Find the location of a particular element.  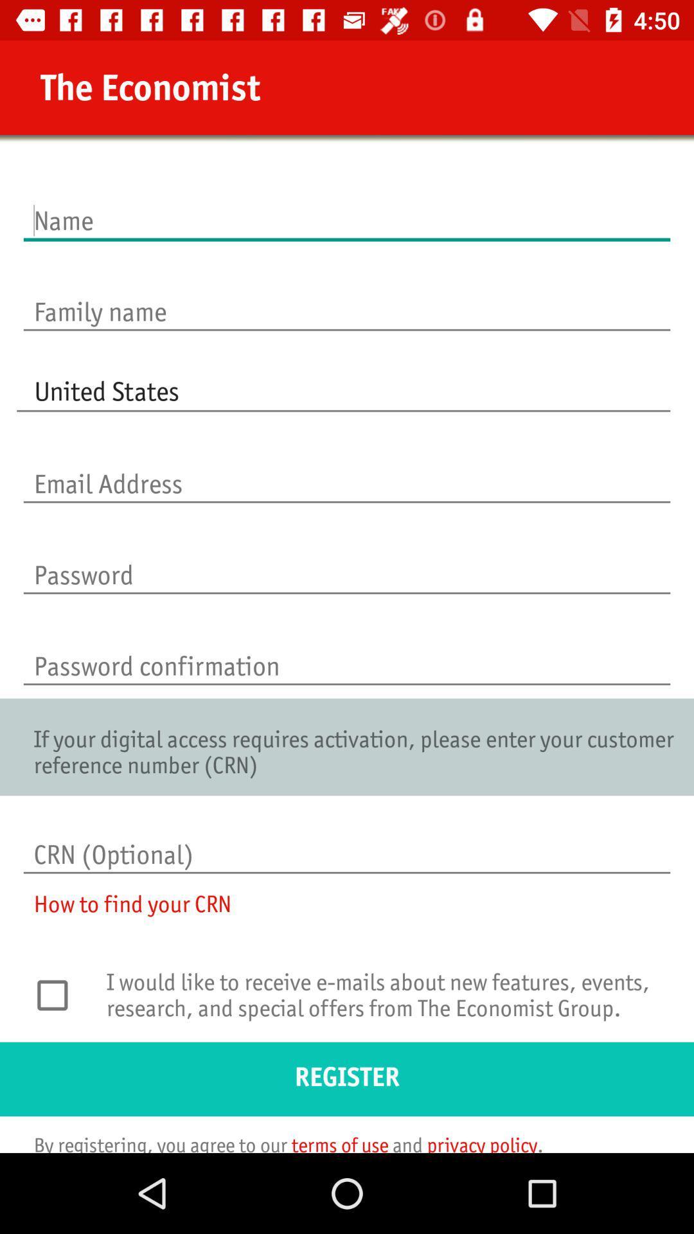

how to find is located at coordinates (124, 911).